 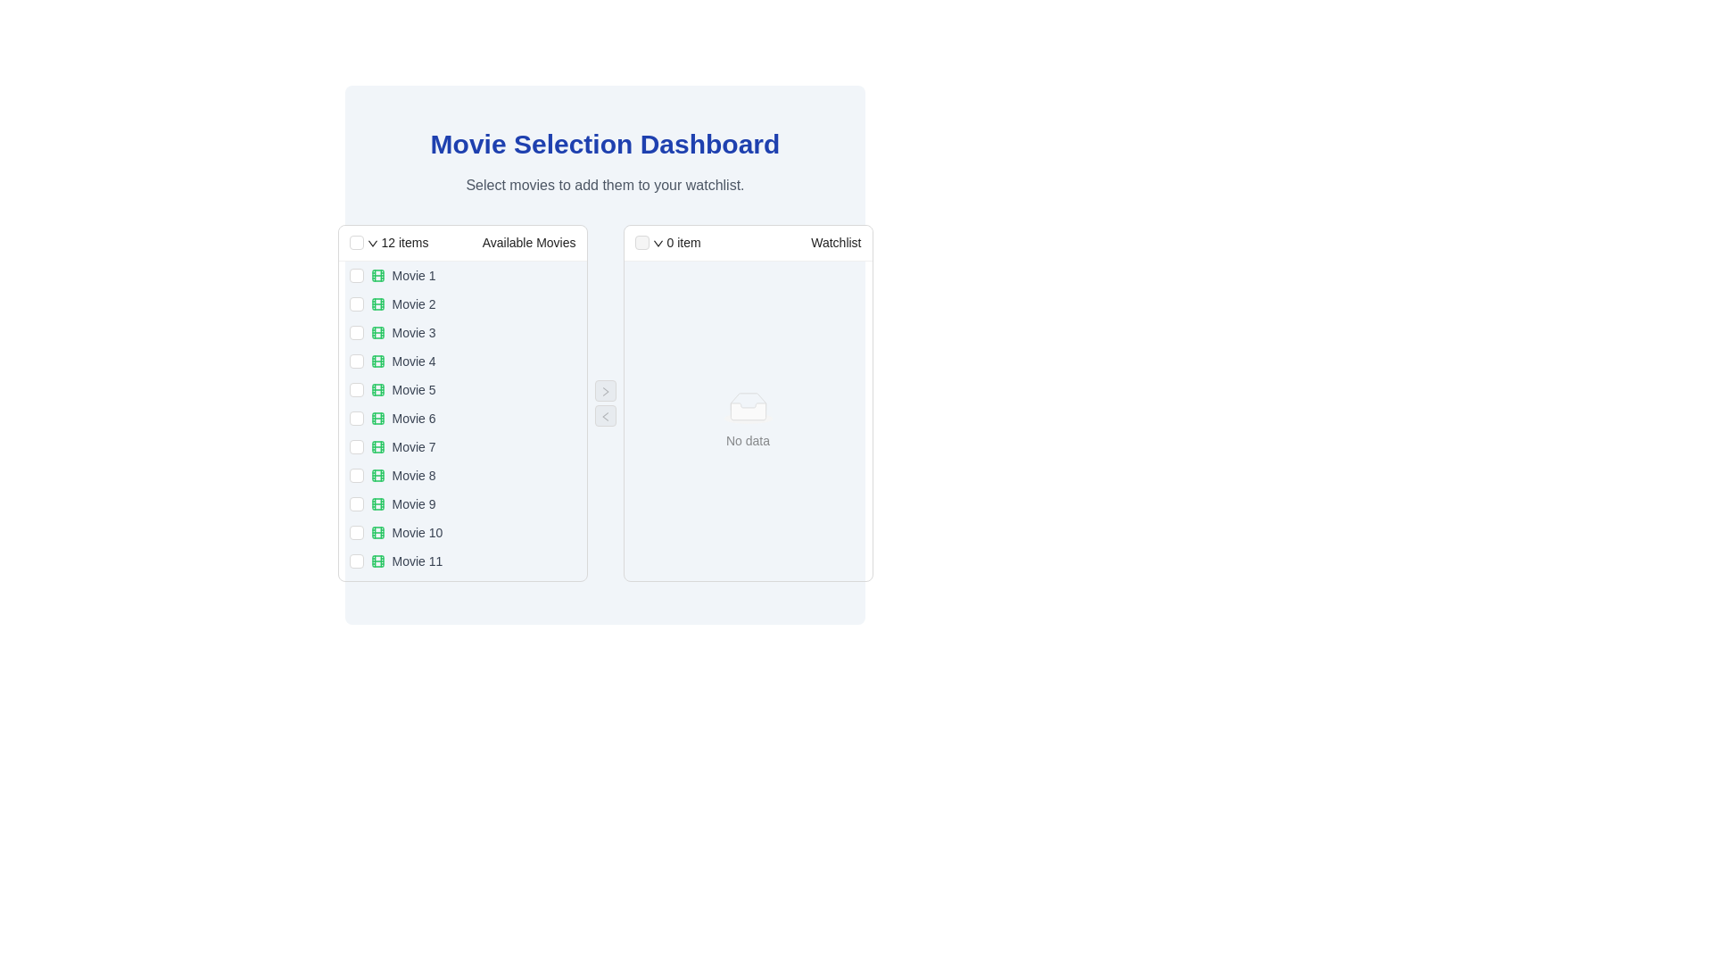 What do you see at coordinates (356, 243) in the screenshot?
I see `the checkbox located in the header section labeled '12 items Available Movies', which is a square outline checkbox positioned to the left of the dropdown icon` at bounding box center [356, 243].